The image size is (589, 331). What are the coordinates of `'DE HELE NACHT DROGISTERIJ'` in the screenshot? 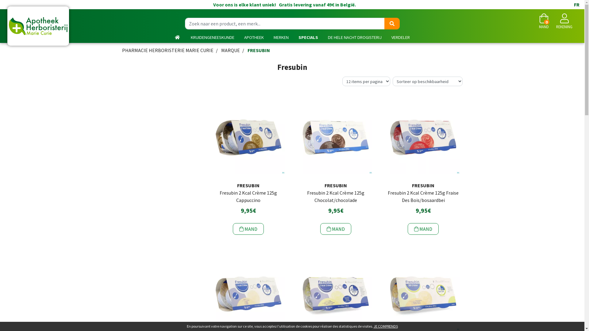 It's located at (354, 38).